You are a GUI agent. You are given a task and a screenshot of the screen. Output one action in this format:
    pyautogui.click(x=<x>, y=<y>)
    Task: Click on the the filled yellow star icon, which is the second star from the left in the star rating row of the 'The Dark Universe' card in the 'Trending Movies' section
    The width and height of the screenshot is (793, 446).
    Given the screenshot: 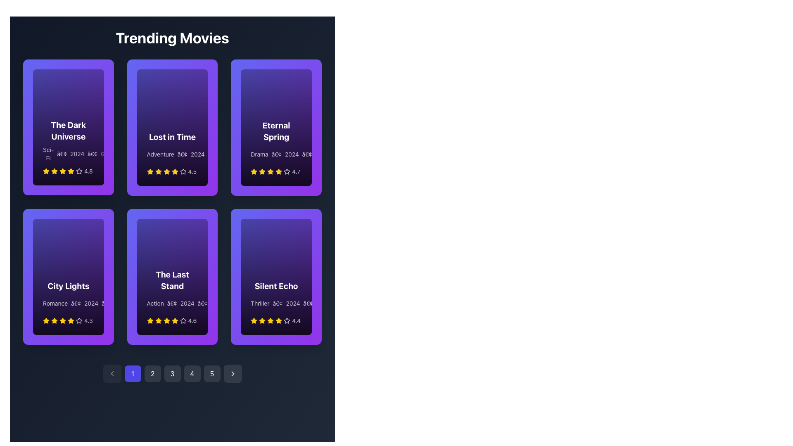 What is the action you would take?
    pyautogui.click(x=62, y=171)
    